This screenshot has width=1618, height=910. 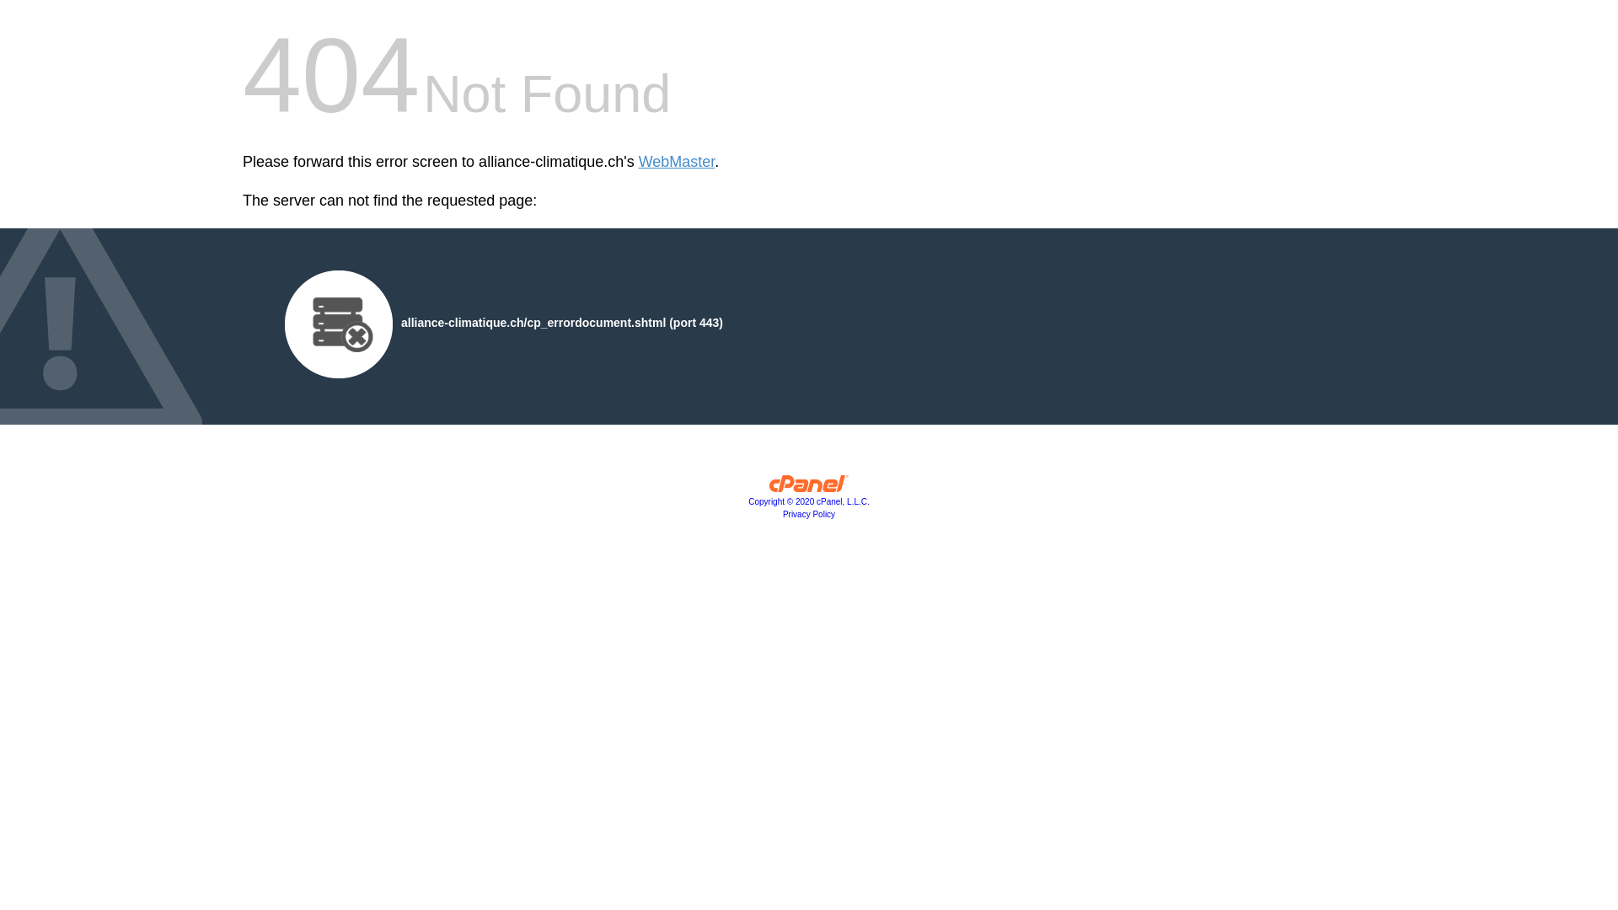 What do you see at coordinates (809, 487) in the screenshot?
I see `'cPanel, Inc.'` at bounding box center [809, 487].